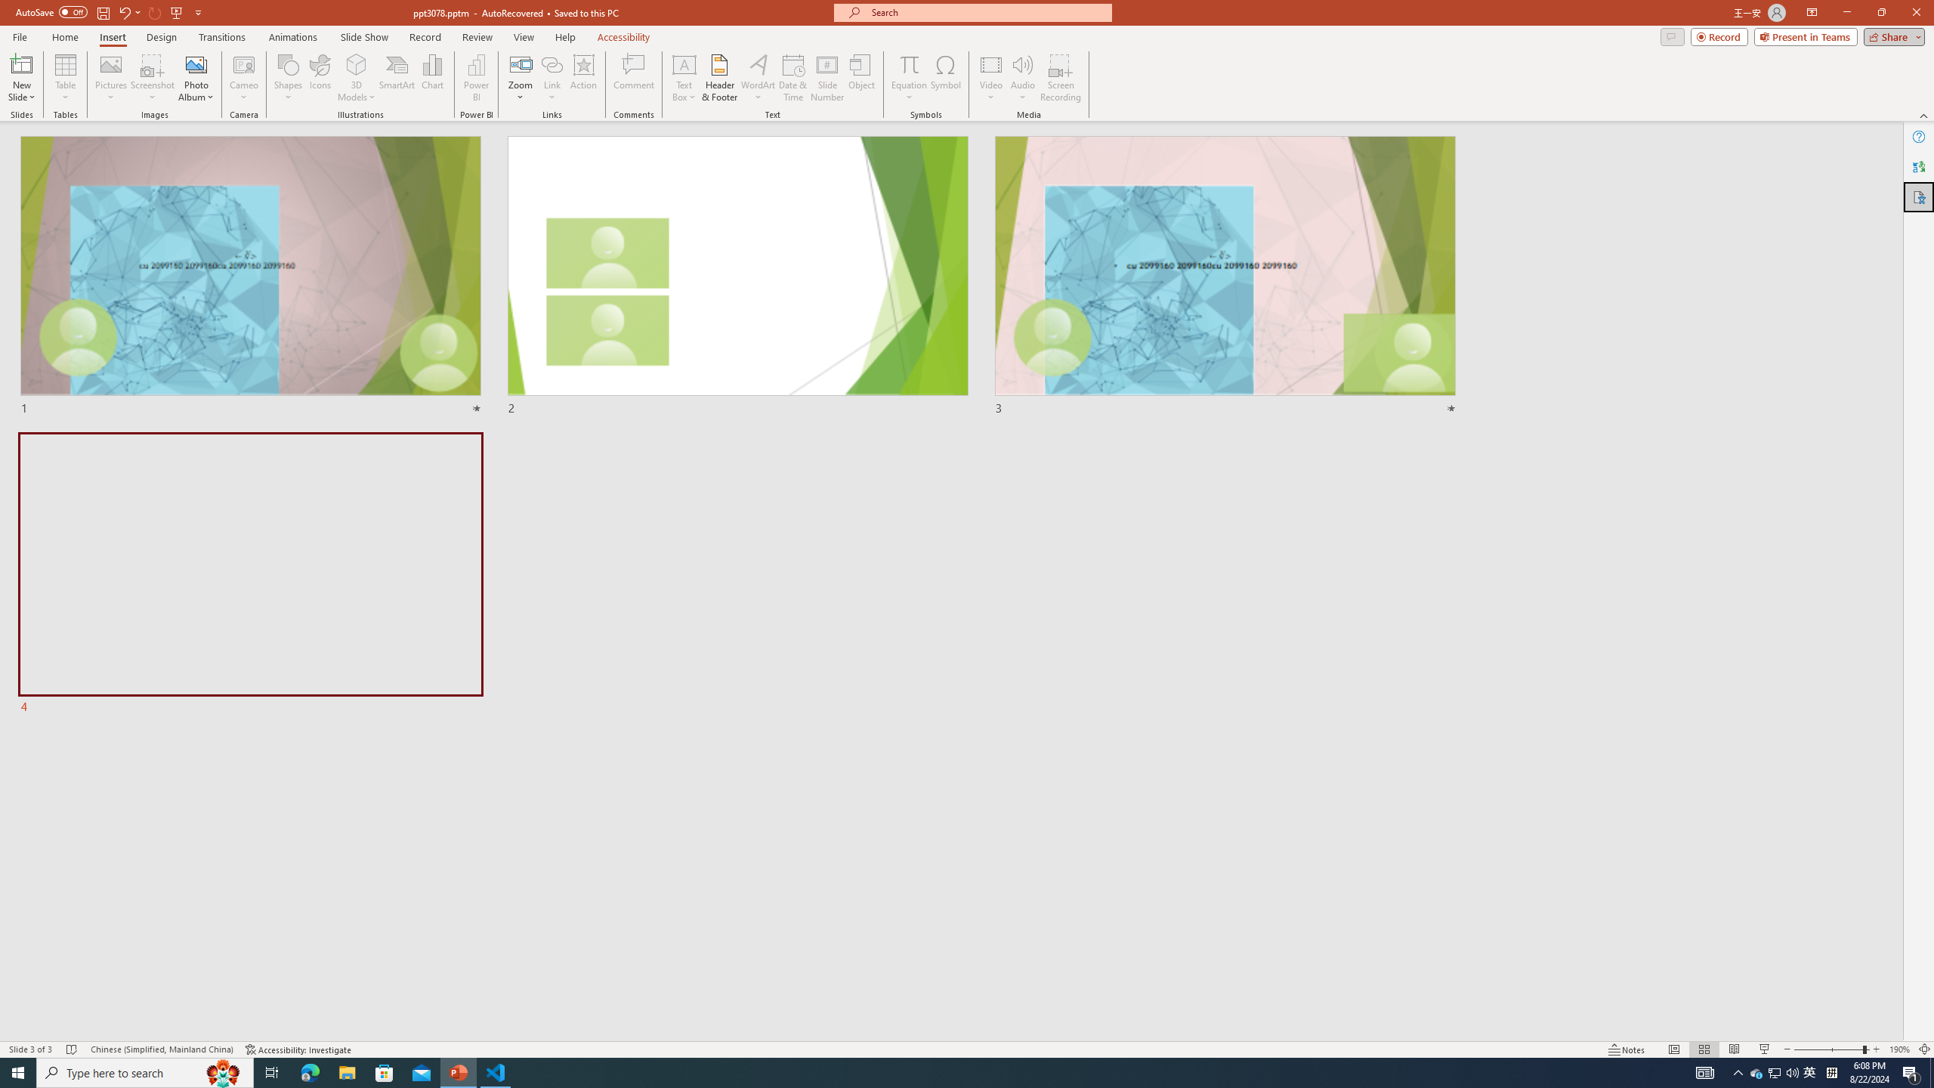 This screenshot has width=1934, height=1088. Describe the element at coordinates (584, 78) in the screenshot. I see `'Action'` at that location.